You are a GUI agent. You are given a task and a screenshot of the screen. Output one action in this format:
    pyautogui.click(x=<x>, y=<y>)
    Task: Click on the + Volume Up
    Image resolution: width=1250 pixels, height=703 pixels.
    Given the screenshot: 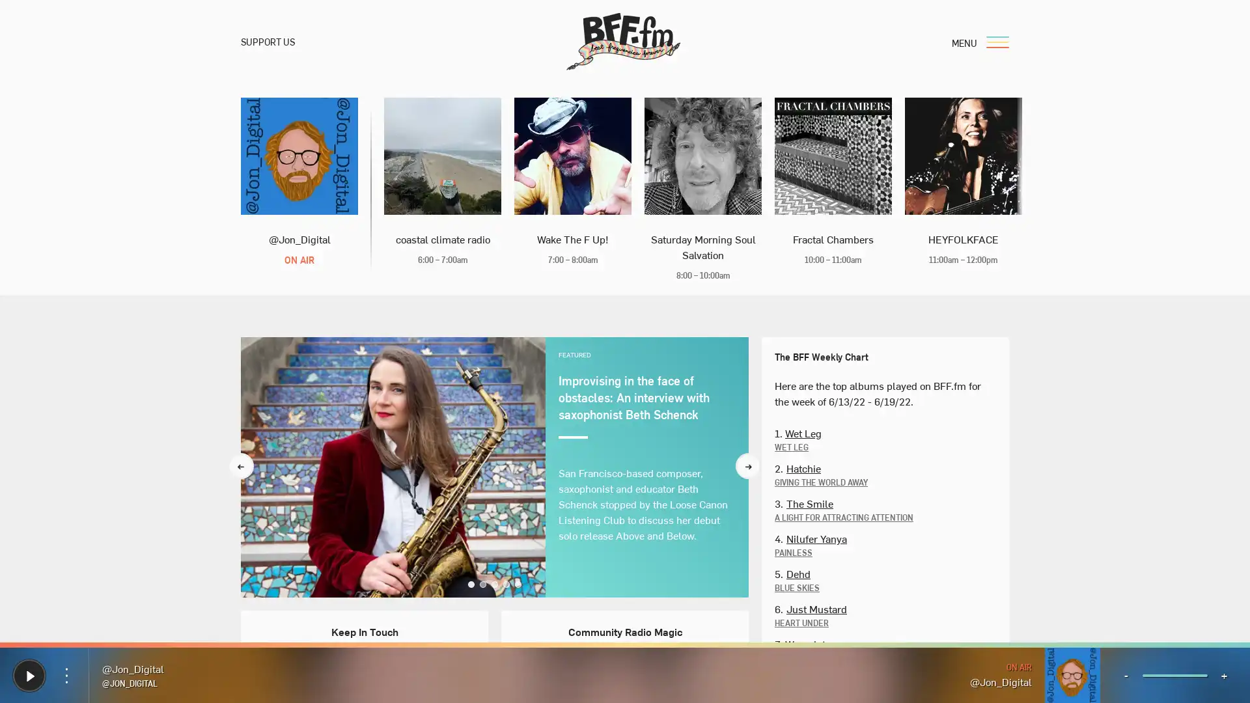 What is the action you would take?
    pyautogui.click(x=1223, y=674)
    